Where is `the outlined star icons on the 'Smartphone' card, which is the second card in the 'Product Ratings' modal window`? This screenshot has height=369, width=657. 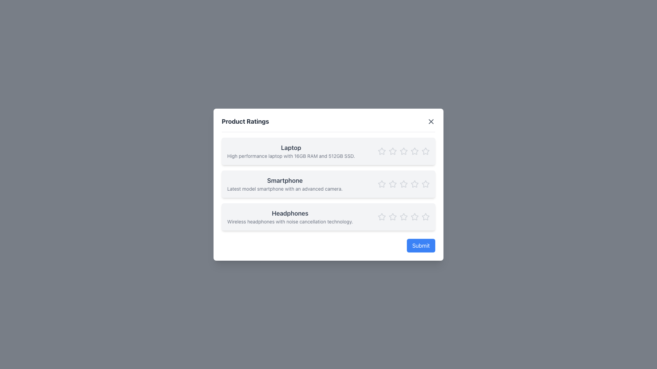 the outlined star icons on the 'Smartphone' card, which is the second card in the 'Product Ratings' modal window is located at coordinates (328, 183).